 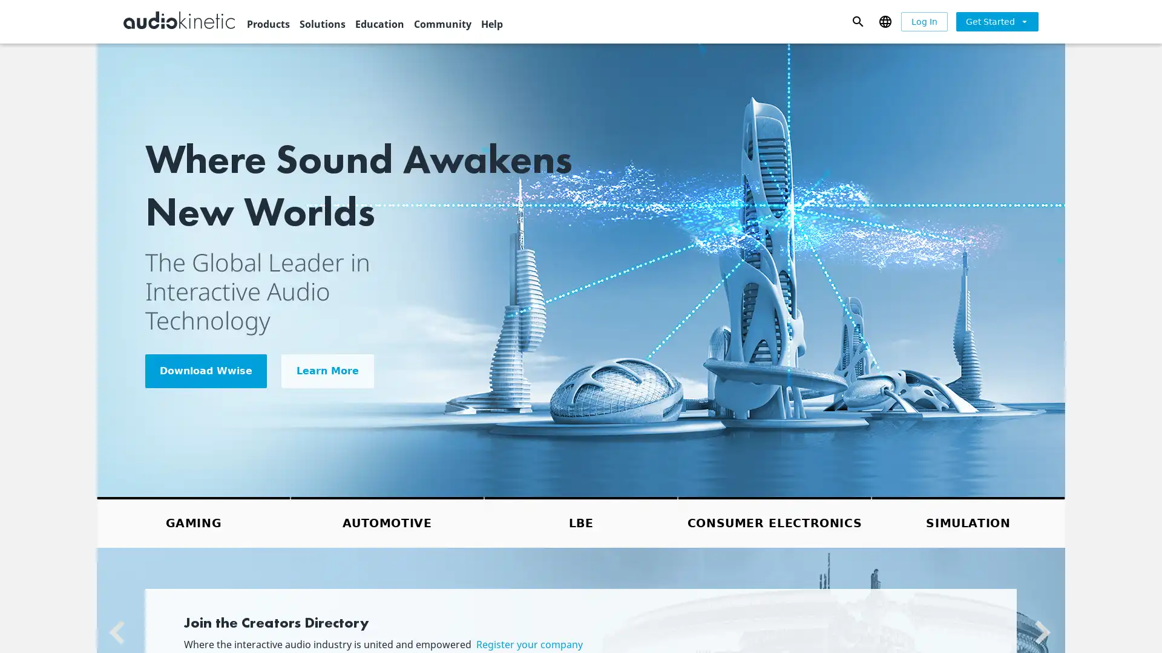 I want to click on GAMING, so click(x=194, y=521).